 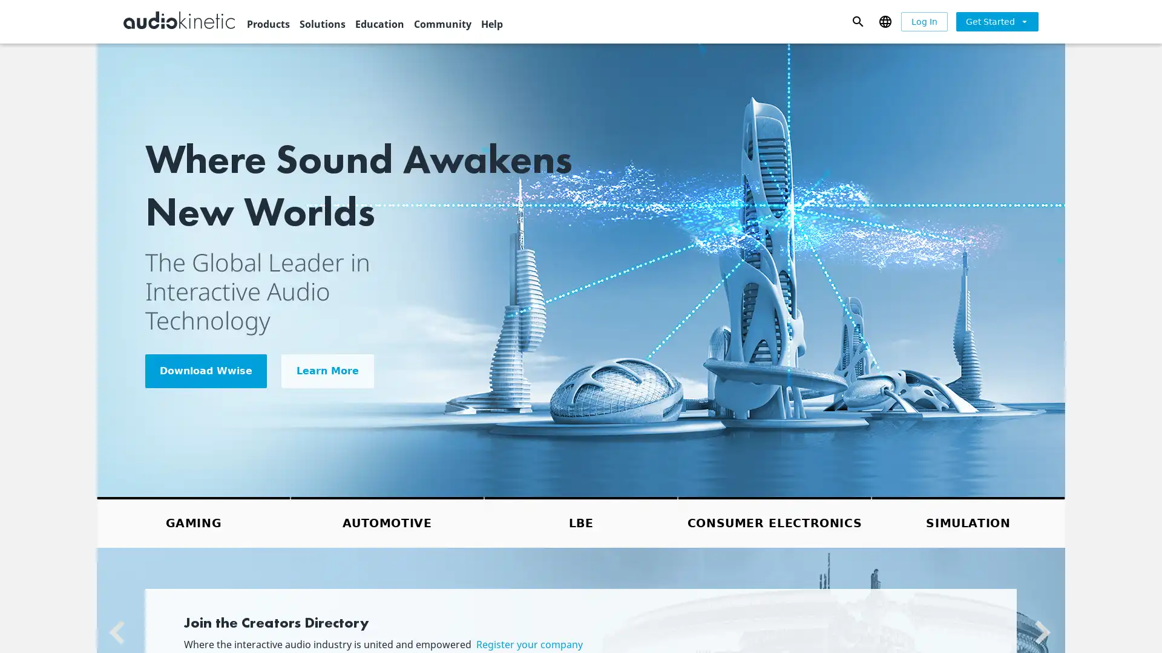 I want to click on GAMING, so click(x=194, y=521).